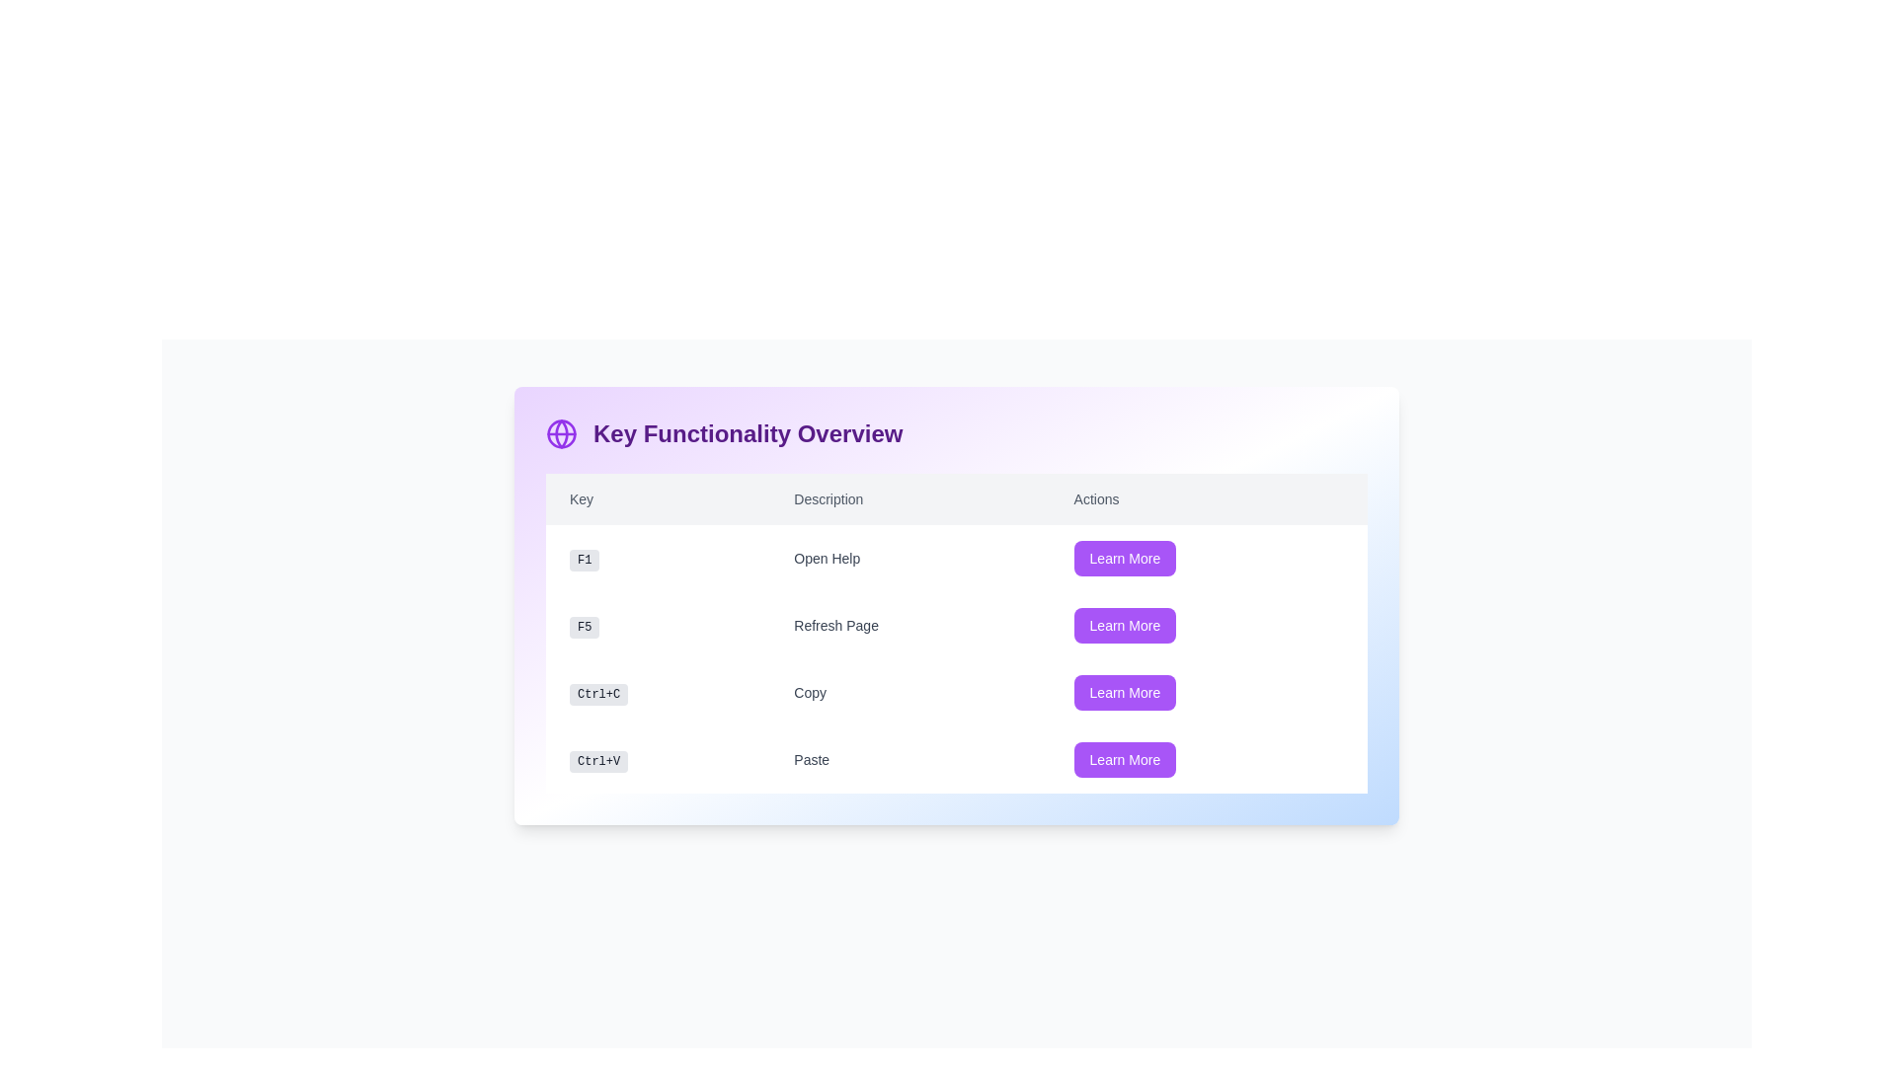  I want to click on the SVG circle graphic located at the top-left corner of the card header by, so click(561, 432).